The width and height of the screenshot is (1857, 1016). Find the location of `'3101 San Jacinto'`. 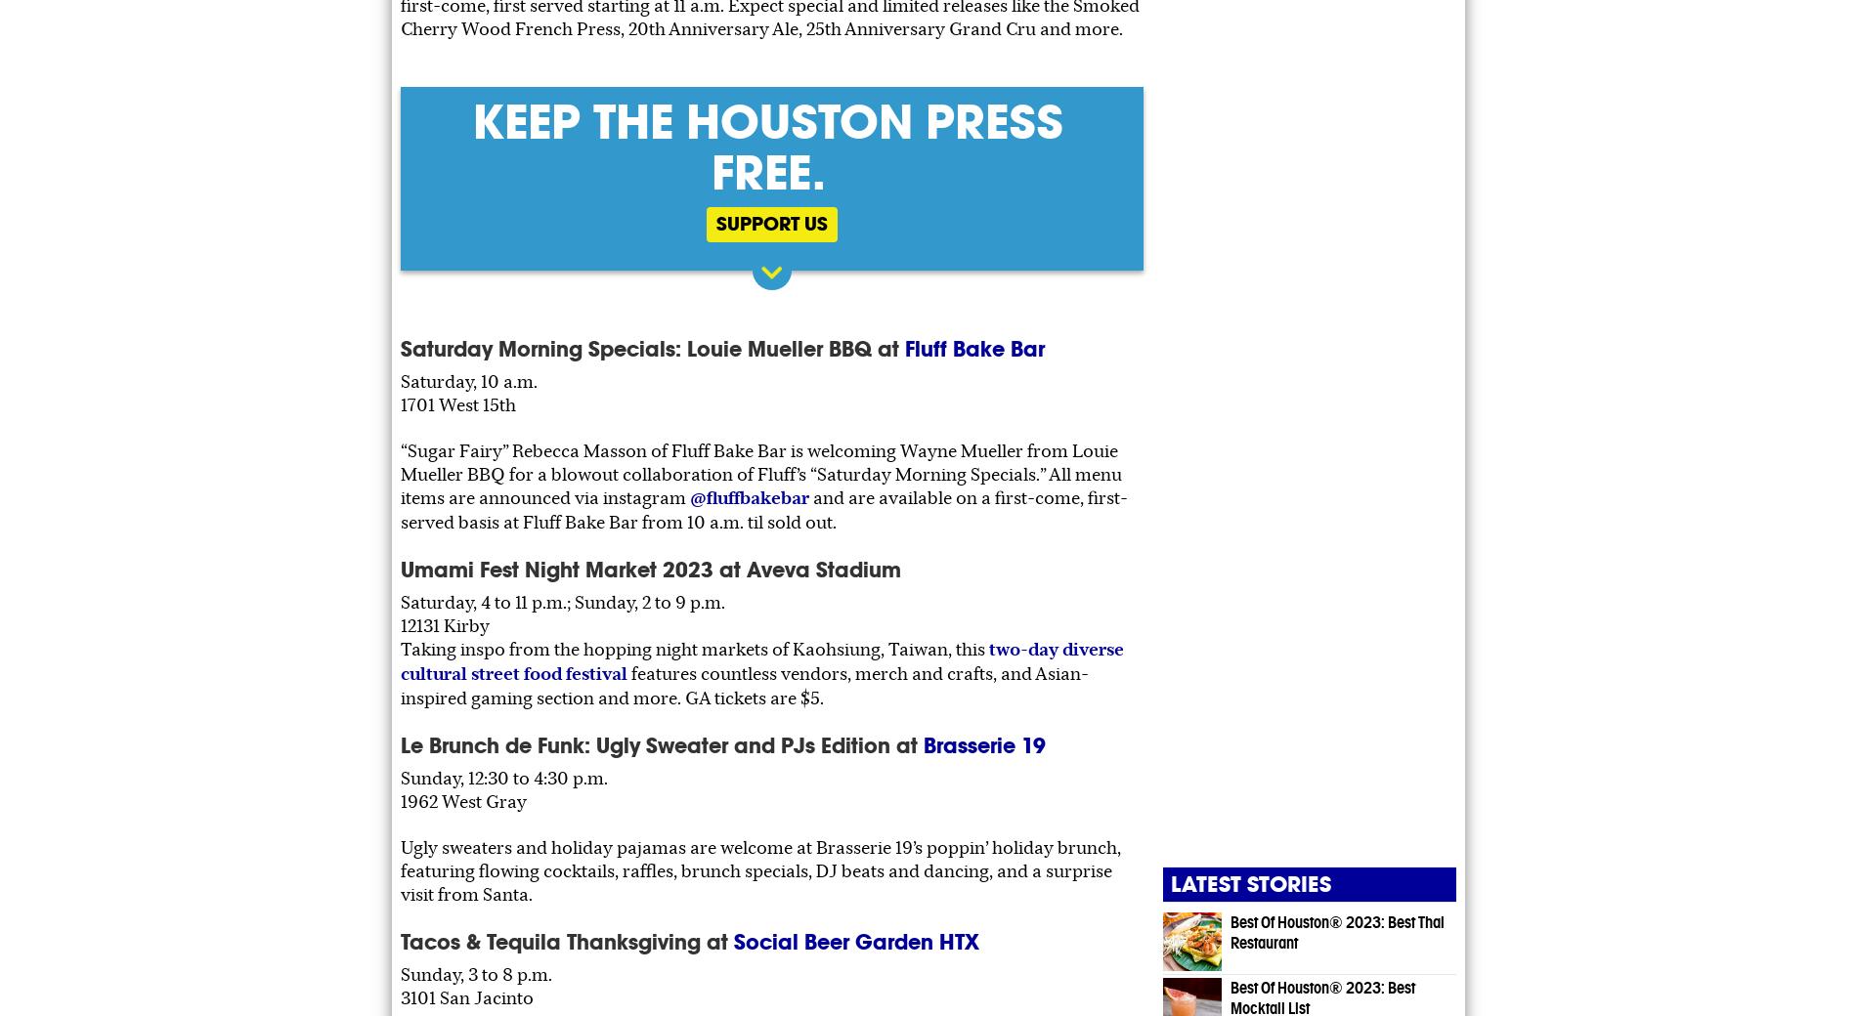

'3101 San Jacinto' is located at coordinates (467, 996).